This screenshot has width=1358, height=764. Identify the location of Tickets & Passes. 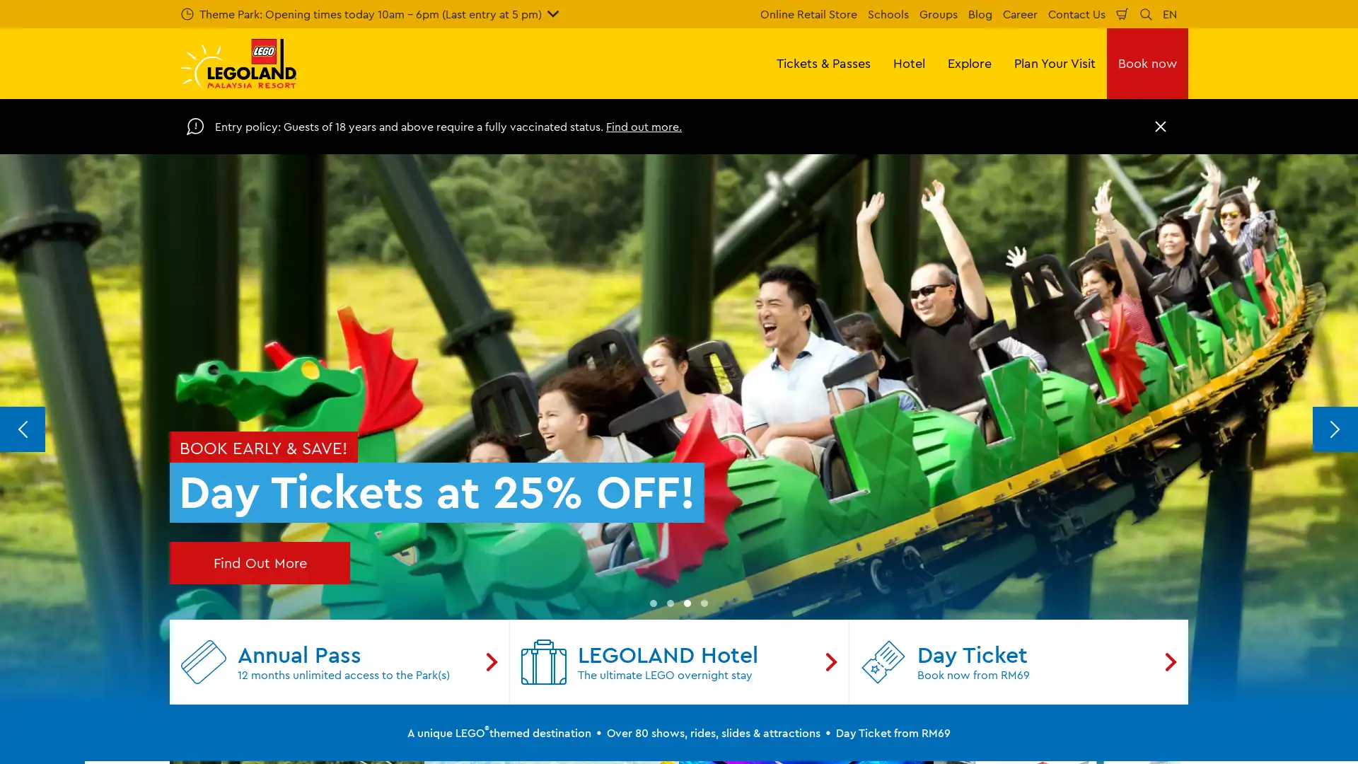
(823, 62).